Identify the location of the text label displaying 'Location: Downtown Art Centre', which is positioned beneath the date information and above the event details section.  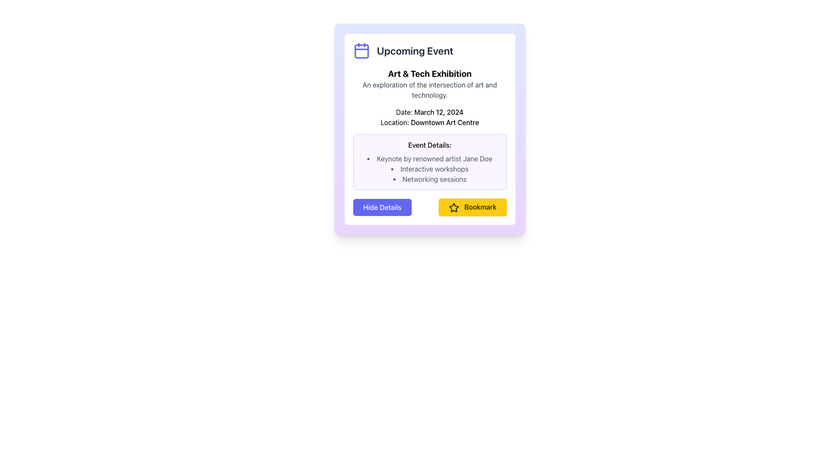
(430, 122).